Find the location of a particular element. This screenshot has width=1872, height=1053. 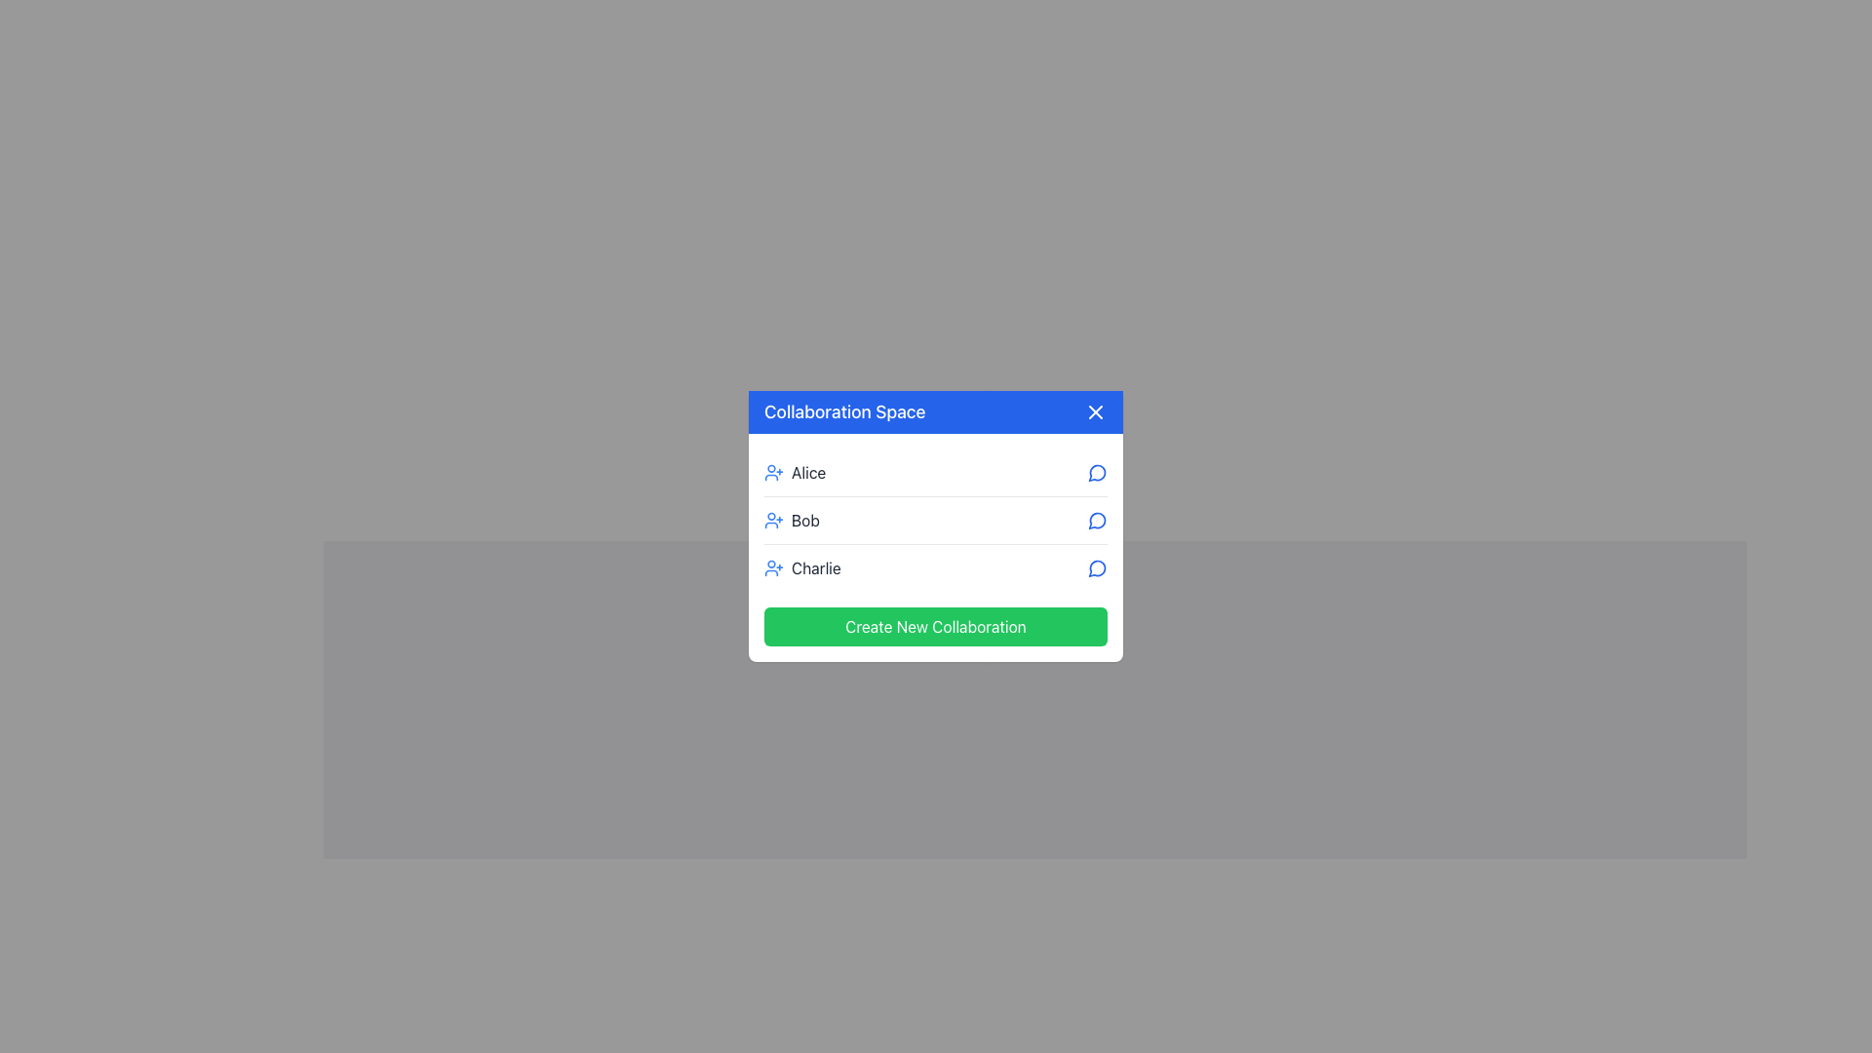

the label containing the name 'Bob' which is styled in bold, dark font and is located next to a user icon with a plus sign, indicating an invitation. This label is the second item in a vertically aligned list within a modal dialog is located at coordinates (792, 519).